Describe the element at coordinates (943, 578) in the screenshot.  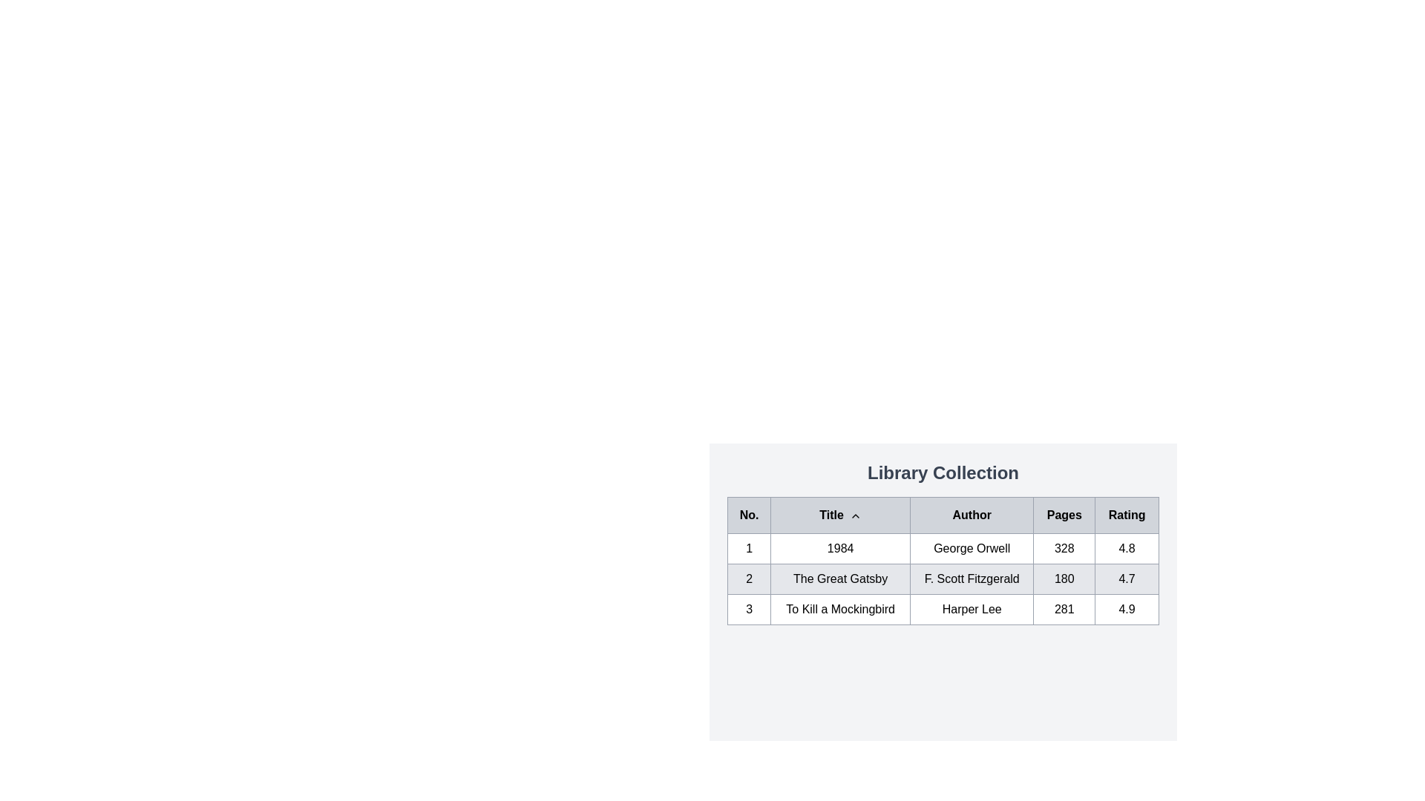
I see `the second row of the book table, which displays information such as title, author, number of pages, and rating` at that location.